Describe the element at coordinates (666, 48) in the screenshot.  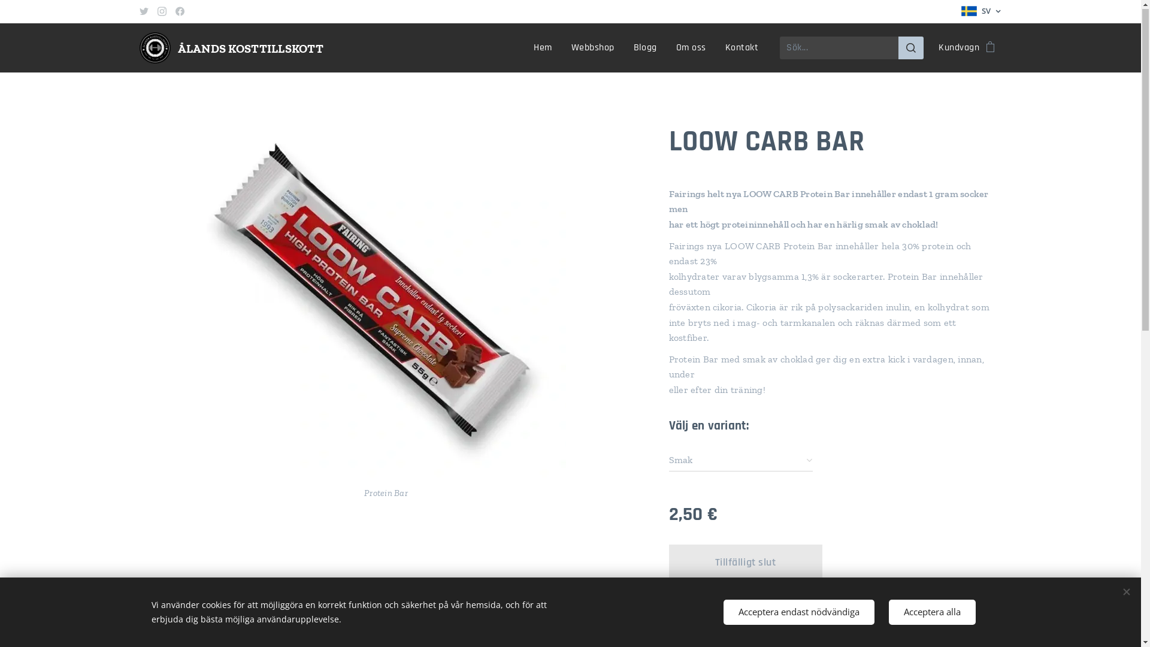
I see `'Om oss'` at that location.